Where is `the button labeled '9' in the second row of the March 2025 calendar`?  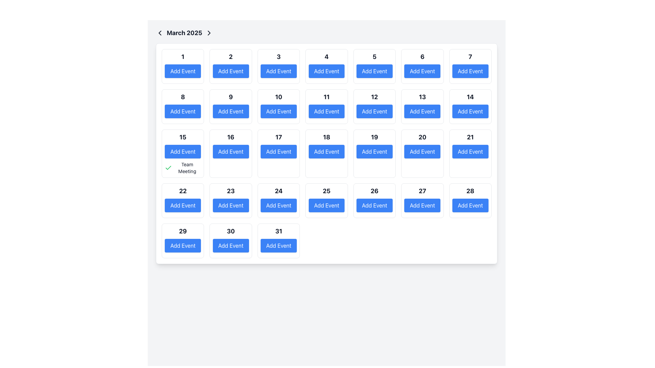 the button labeled '9' in the second row of the March 2025 calendar is located at coordinates (231, 106).